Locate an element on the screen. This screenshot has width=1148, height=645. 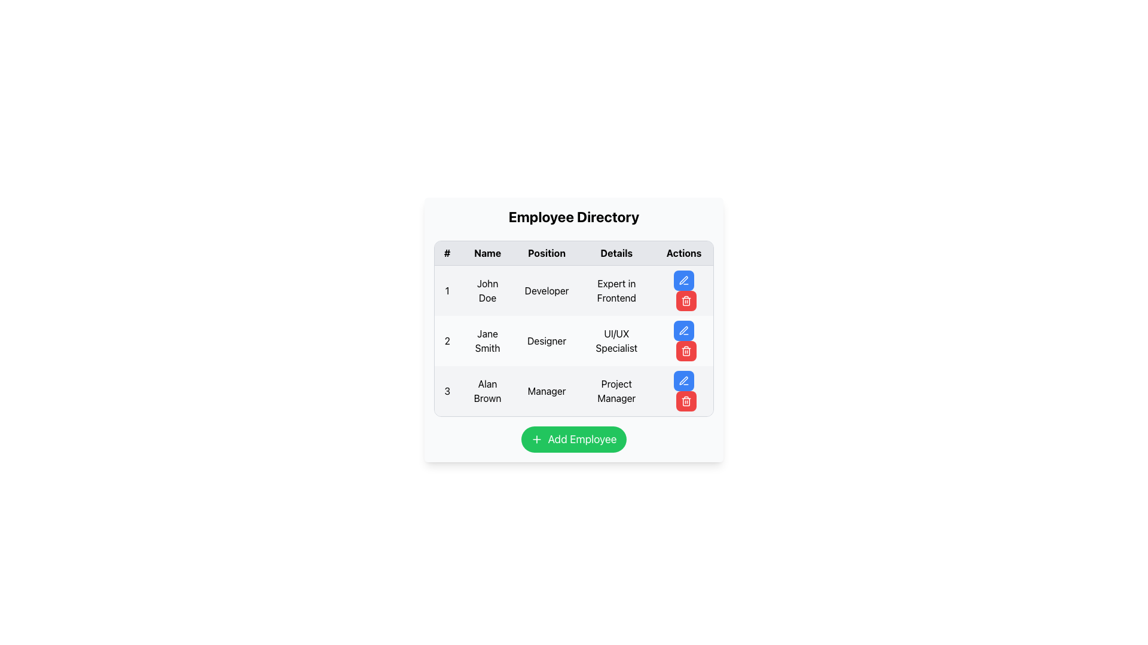
the Text Label displaying 'John Doe' in the employee directory table, located in the second cell of the first row under the 'Name' column is located at coordinates (487, 290).